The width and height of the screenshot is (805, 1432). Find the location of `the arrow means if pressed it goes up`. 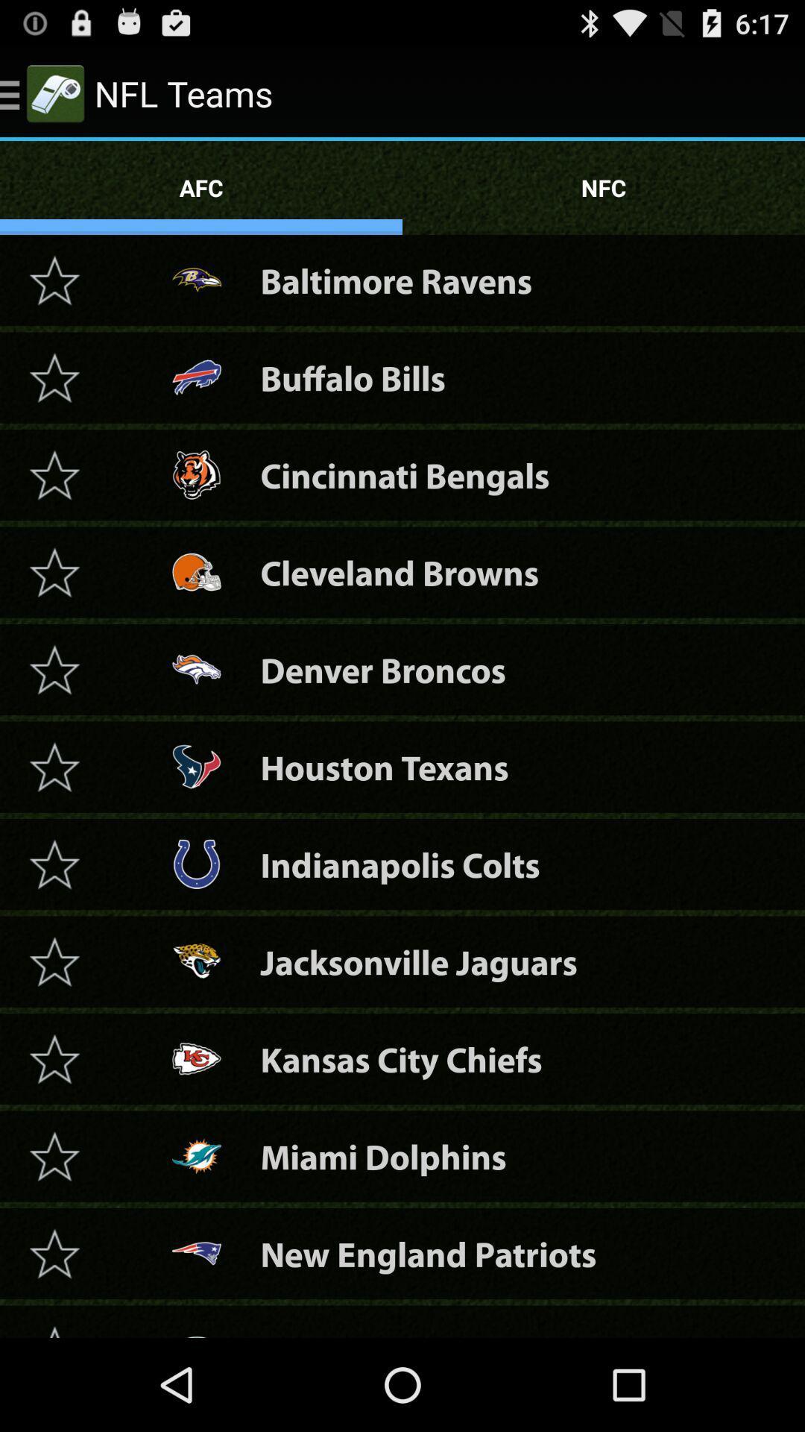

the arrow means if pressed it goes up is located at coordinates (54, 1327).